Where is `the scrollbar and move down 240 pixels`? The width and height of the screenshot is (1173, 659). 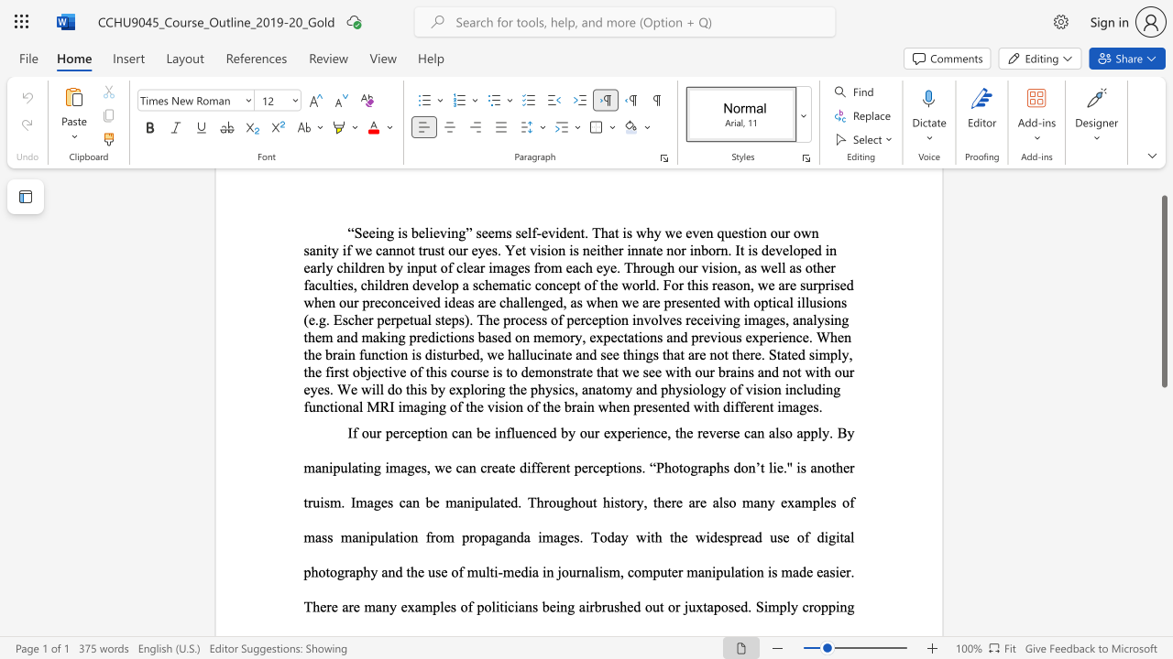 the scrollbar and move down 240 pixels is located at coordinates (1163, 290).